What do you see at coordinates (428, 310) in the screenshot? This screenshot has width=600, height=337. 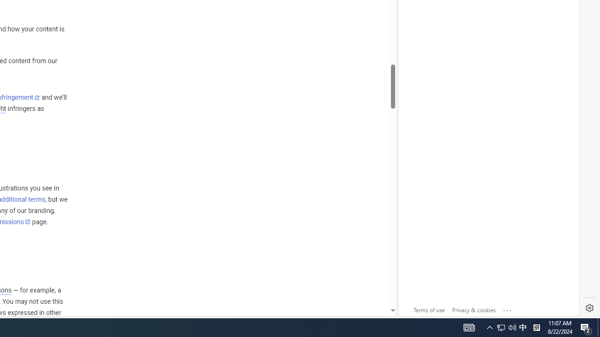 I see `'Terms of use'` at bounding box center [428, 310].